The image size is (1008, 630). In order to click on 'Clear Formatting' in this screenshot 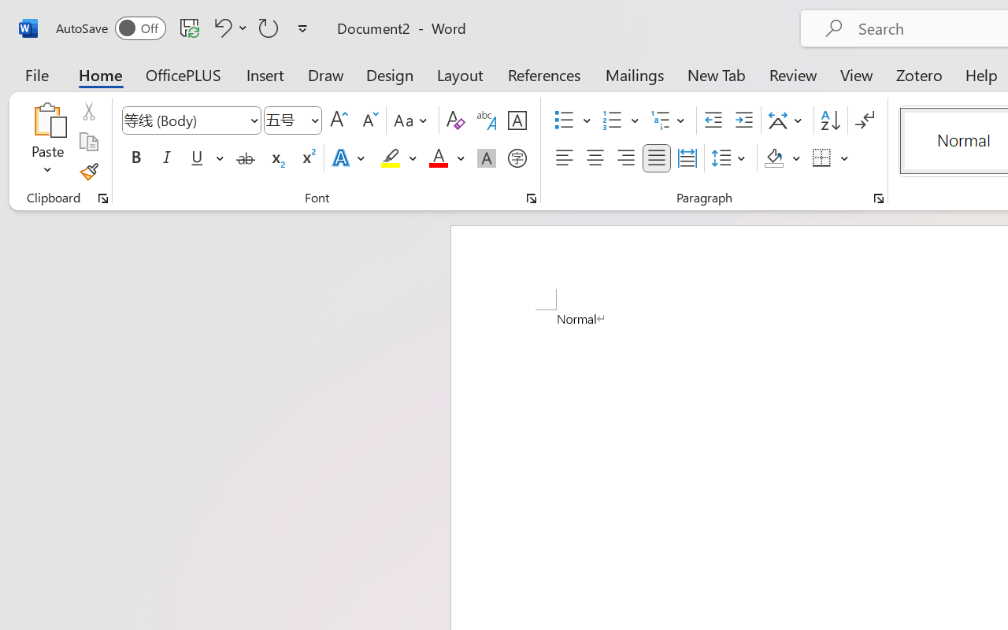, I will do `click(454, 120)`.